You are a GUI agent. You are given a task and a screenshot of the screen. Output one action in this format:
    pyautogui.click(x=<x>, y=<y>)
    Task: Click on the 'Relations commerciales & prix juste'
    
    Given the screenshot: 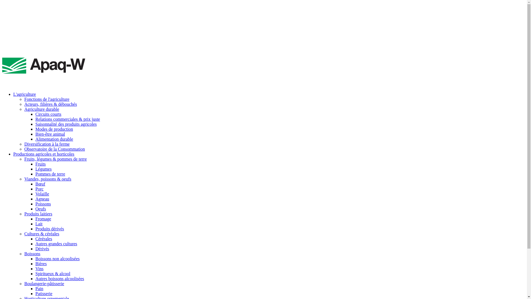 What is the action you would take?
    pyautogui.click(x=67, y=119)
    